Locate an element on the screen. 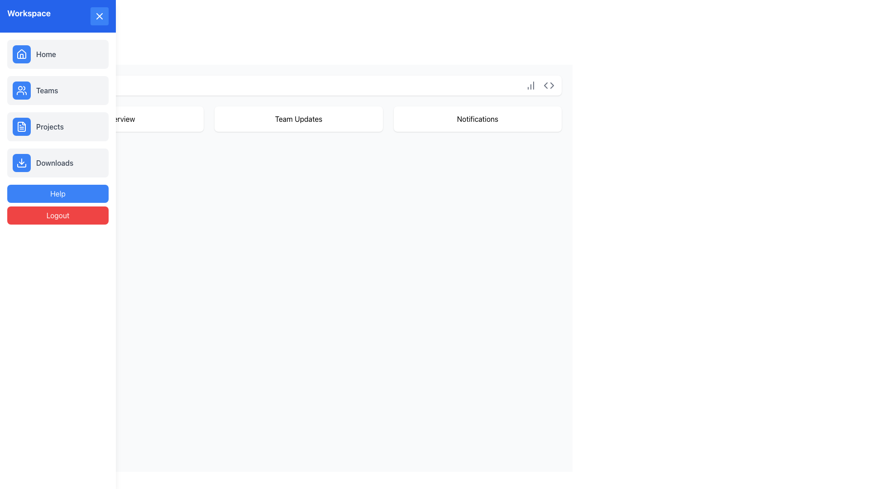  the Text label or title section that serves as a header for team updates, located between the Overview box and the Notifications box is located at coordinates (298, 118).